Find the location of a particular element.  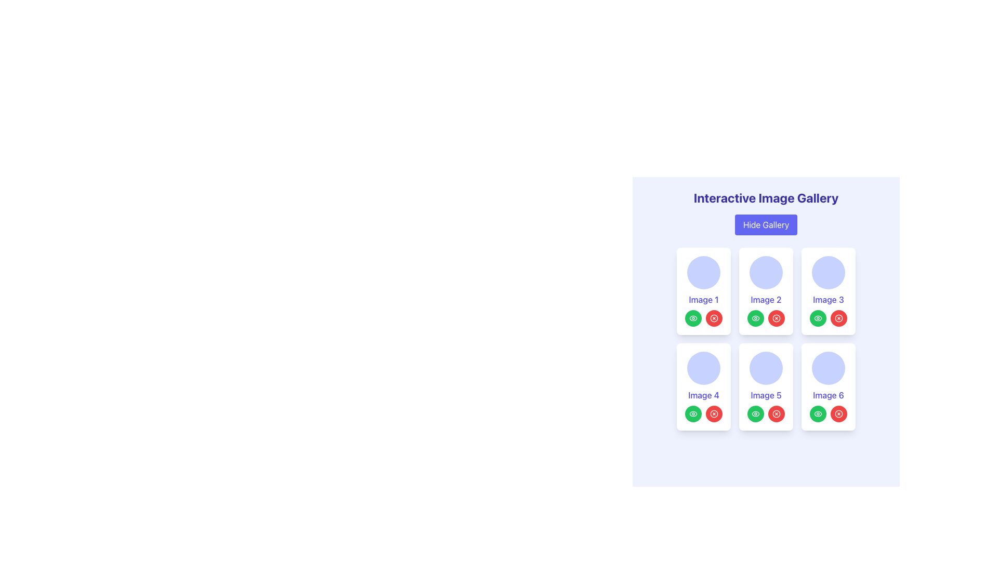

the third circular button in the bottom-right corner of the panel associated with 'Image 6' is located at coordinates (838, 413).